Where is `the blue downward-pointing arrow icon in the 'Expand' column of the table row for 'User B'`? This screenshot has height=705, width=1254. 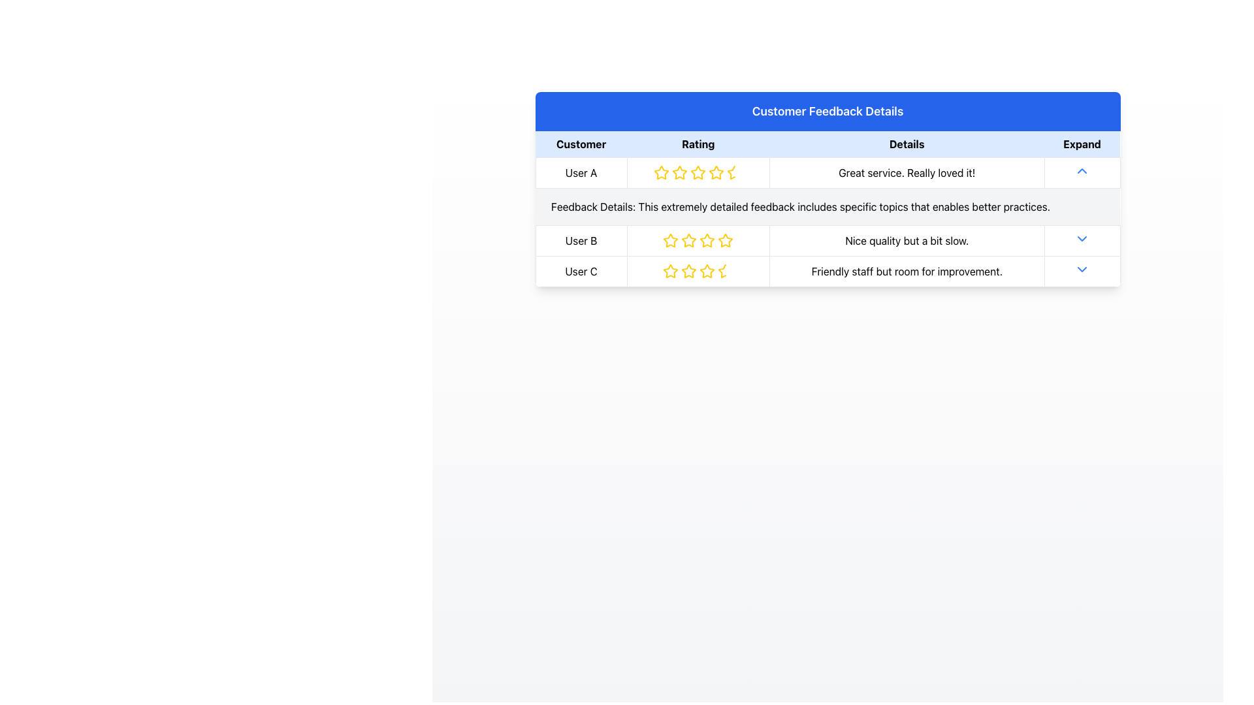 the blue downward-pointing arrow icon in the 'Expand' column of the table row for 'User B' is located at coordinates (1082, 241).